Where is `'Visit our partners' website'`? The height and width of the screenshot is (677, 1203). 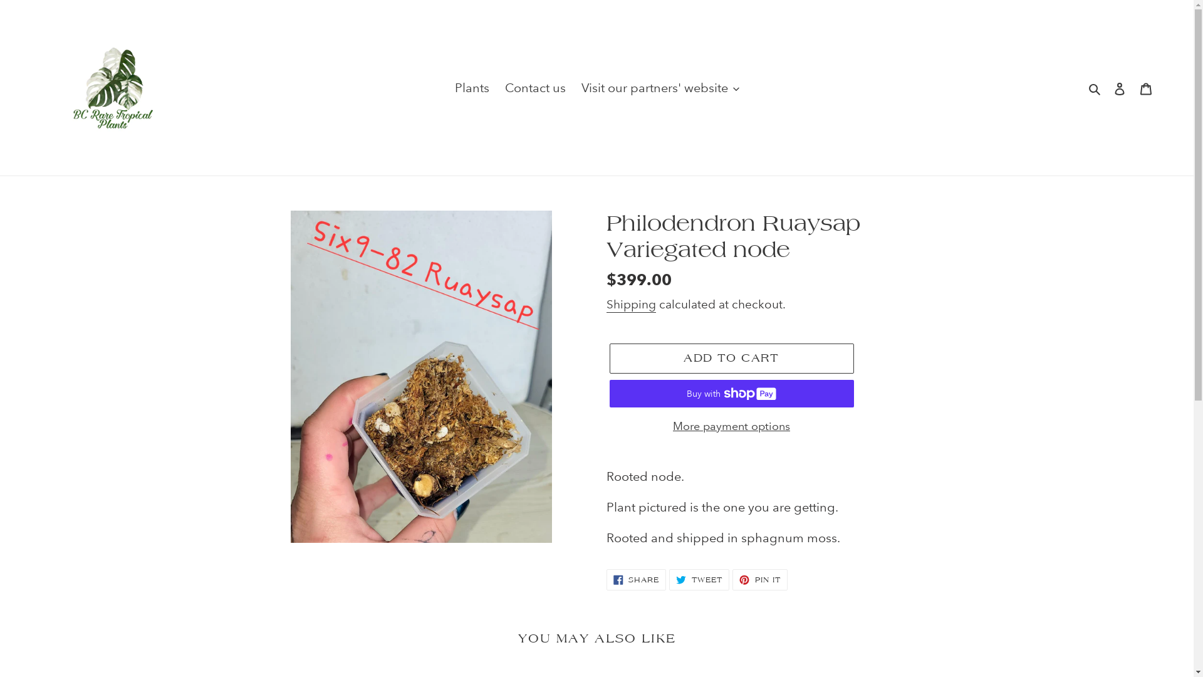
'Visit our partners' website' is located at coordinates (660, 87).